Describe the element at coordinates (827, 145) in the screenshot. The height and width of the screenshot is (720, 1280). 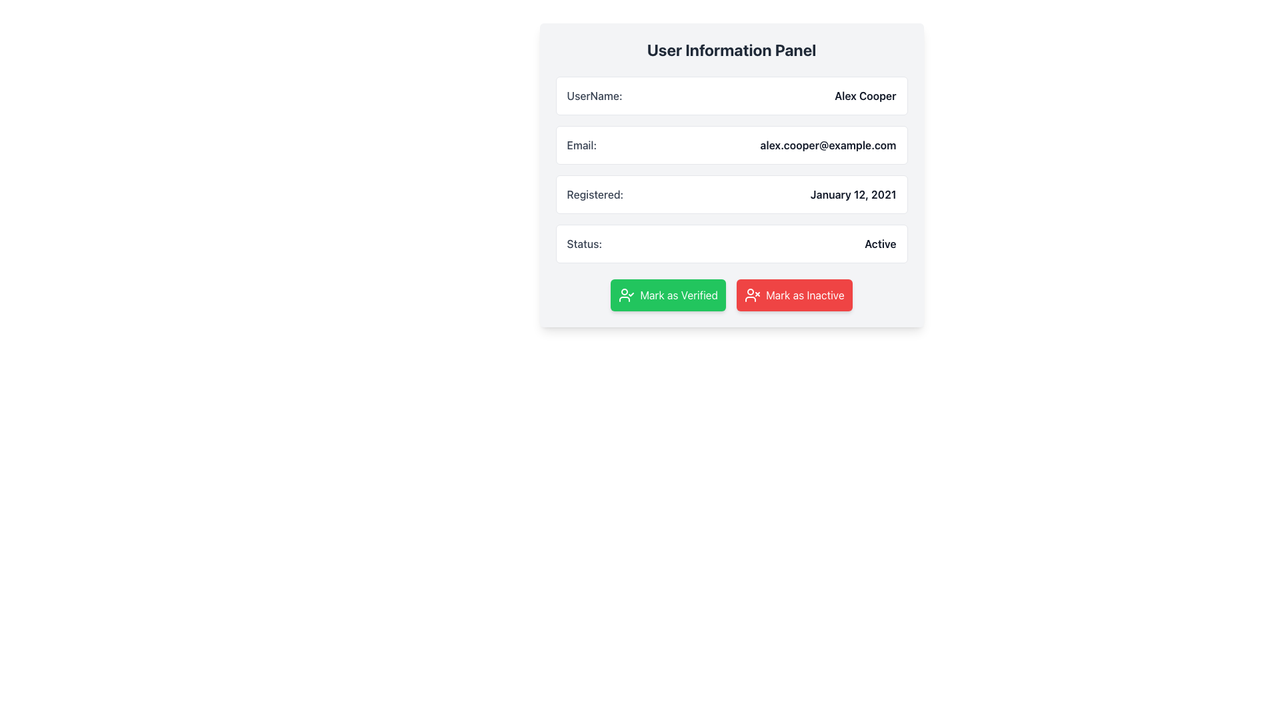
I see `the email address display element located to the right of the 'Email:' label in the user detail panel` at that location.